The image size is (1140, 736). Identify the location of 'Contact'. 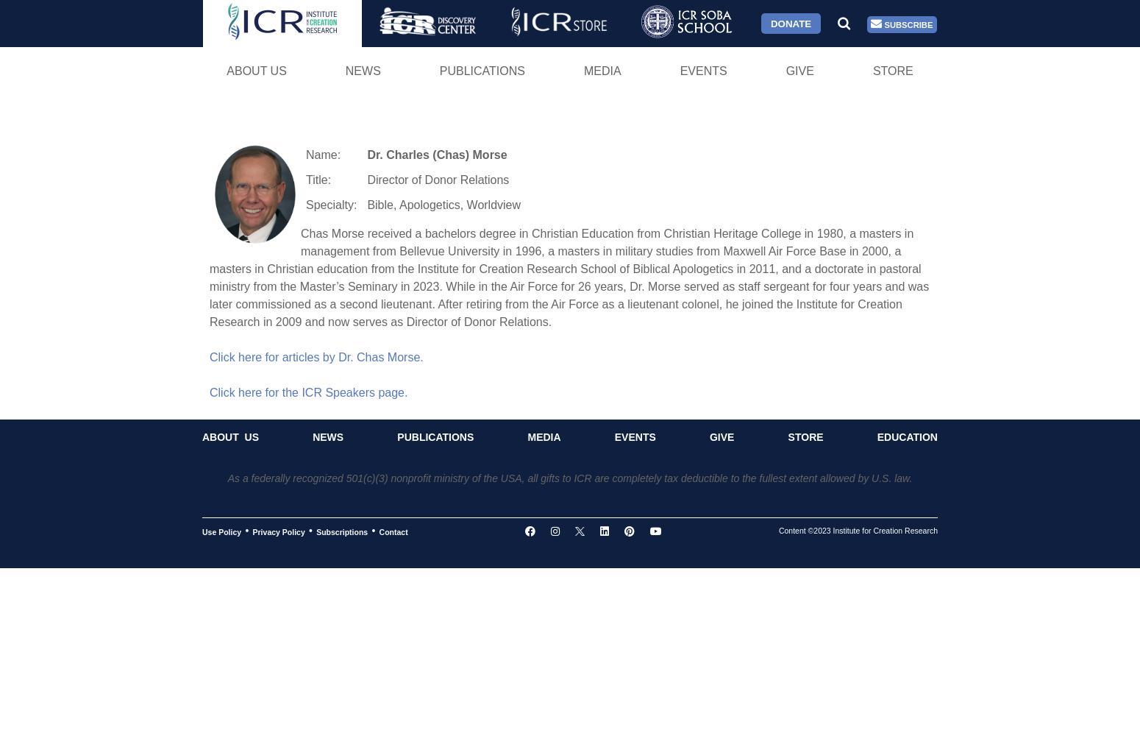
(392, 531).